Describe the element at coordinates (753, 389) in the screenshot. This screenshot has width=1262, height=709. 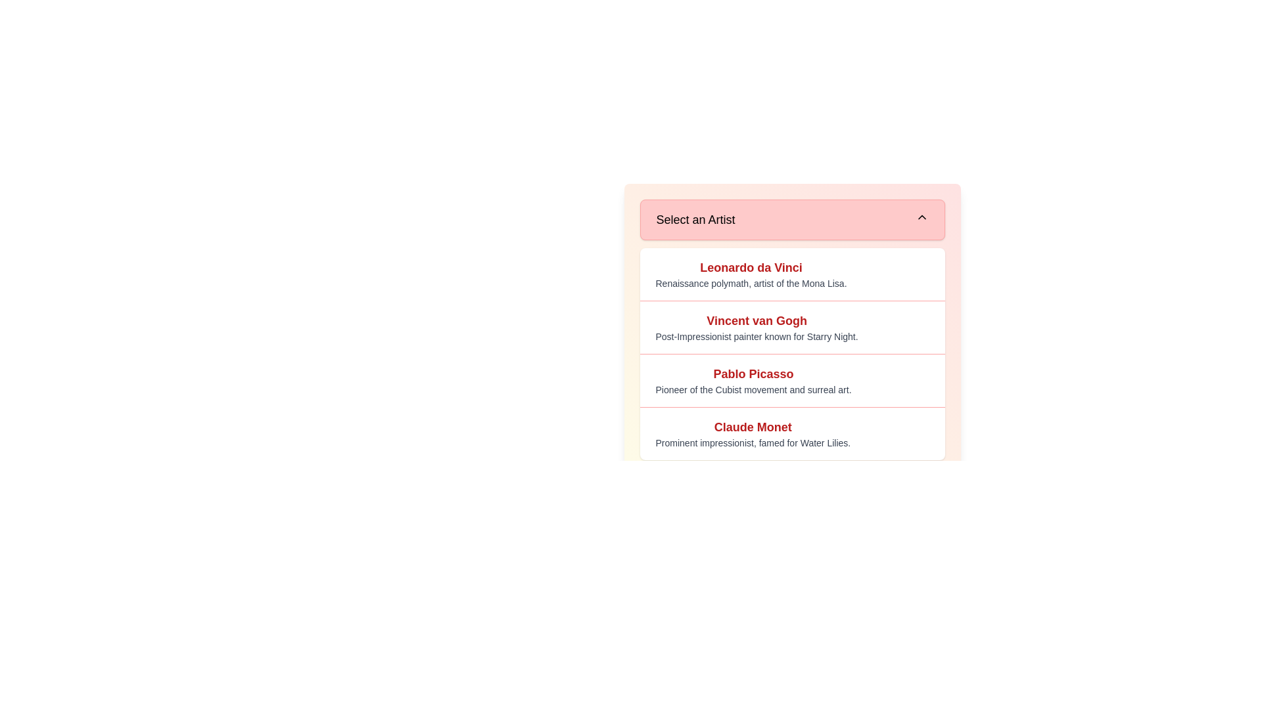
I see `the text element that provides descriptive information about the artist Pablo Picasso` at that location.